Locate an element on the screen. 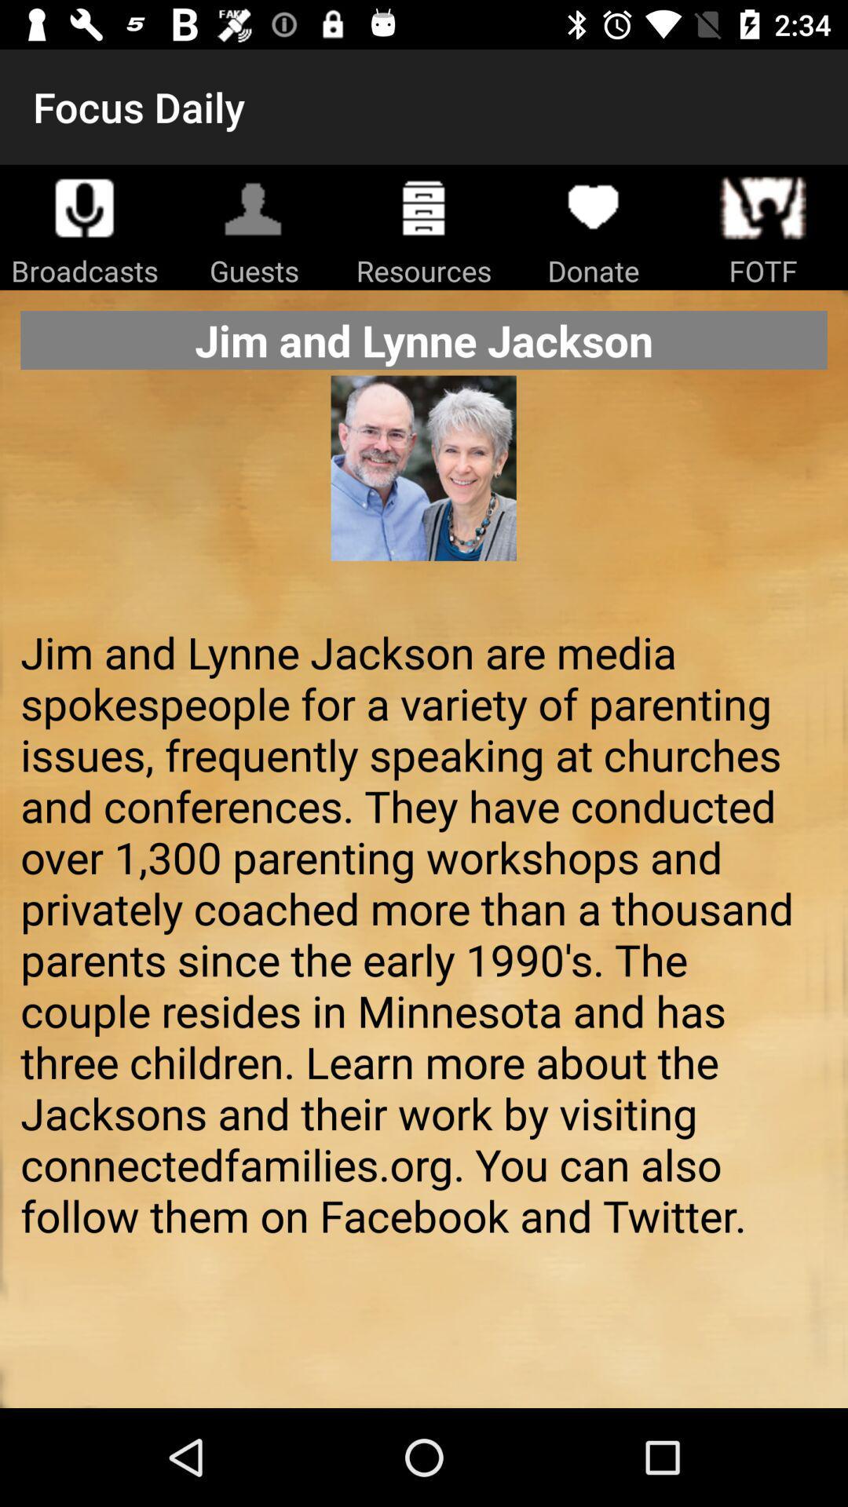 This screenshot has height=1507, width=848. item above jim and lynne app is located at coordinates (422, 492).